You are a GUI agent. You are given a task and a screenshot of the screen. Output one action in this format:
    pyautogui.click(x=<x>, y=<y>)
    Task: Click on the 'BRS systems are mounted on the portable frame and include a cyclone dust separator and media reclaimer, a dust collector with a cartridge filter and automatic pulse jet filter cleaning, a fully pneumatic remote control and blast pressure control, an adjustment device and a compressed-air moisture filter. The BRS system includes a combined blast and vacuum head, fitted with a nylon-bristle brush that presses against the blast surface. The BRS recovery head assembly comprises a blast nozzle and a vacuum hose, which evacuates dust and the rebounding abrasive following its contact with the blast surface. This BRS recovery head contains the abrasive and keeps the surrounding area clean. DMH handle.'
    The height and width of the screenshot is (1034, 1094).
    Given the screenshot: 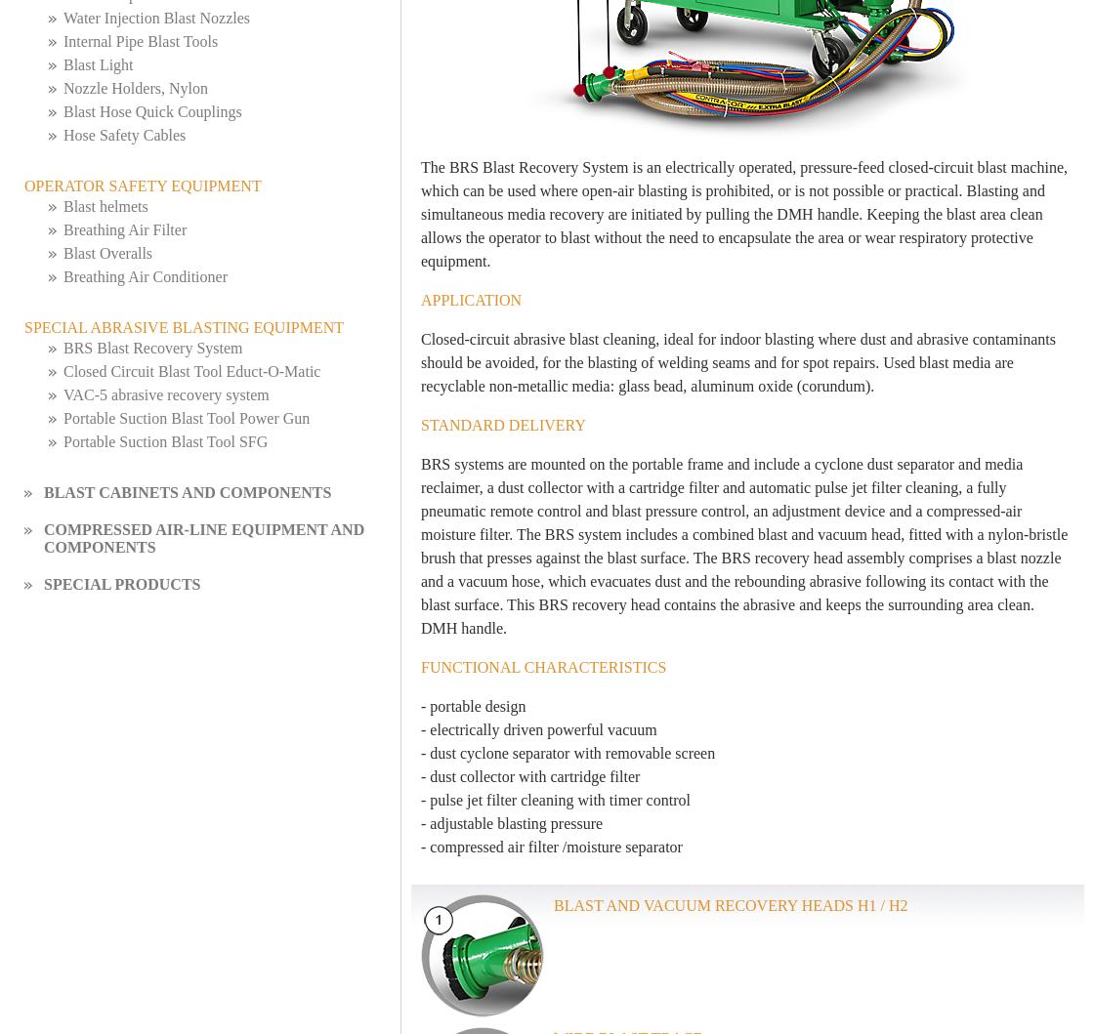 What is the action you would take?
    pyautogui.click(x=744, y=544)
    